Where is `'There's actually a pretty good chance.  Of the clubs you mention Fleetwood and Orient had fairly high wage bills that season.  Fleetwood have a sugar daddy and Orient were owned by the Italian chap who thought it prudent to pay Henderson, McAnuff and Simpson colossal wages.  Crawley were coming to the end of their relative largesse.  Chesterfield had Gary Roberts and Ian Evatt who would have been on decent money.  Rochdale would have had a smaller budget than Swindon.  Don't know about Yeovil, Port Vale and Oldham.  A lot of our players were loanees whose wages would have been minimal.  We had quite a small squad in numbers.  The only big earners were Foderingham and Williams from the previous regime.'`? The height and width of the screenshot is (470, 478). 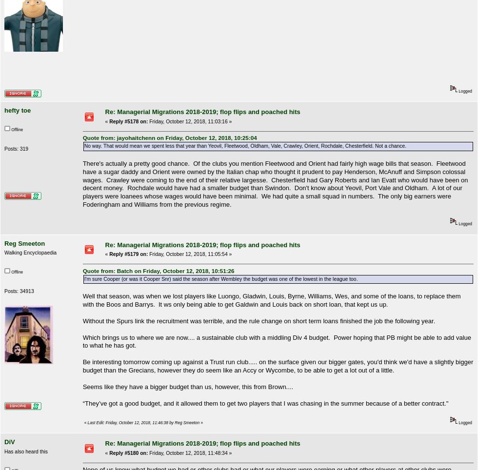
'There's actually a pretty good chance.  Of the clubs you mention Fleetwood and Orient had fairly high wage bills that season.  Fleetwood have a sugar daddy and Orient were owned by the Italian chap who thought it prudent to pay Henderson, McAnuff and Simpson colossal wages.  Crawley were coming to the end of their relative largesse.  Chesterfield had Gary Roberts and Ian Evatt who would have been on decent money.  Rochdale would have had a smaller budget than Swindon.  Don't know about Yeovil, Port Vale and Oldham.  A lot of our players were loanees whose wages would have been minimal.  We had quite a small squad in numbers.  The only big earners were Foderingham and Williams from the previous regime.' is located at coordinates (275, 184).